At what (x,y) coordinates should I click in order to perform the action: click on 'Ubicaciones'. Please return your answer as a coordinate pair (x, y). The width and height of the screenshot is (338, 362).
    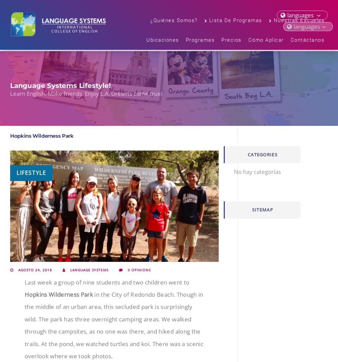
    Looking at the image, I should click on (162, 41).